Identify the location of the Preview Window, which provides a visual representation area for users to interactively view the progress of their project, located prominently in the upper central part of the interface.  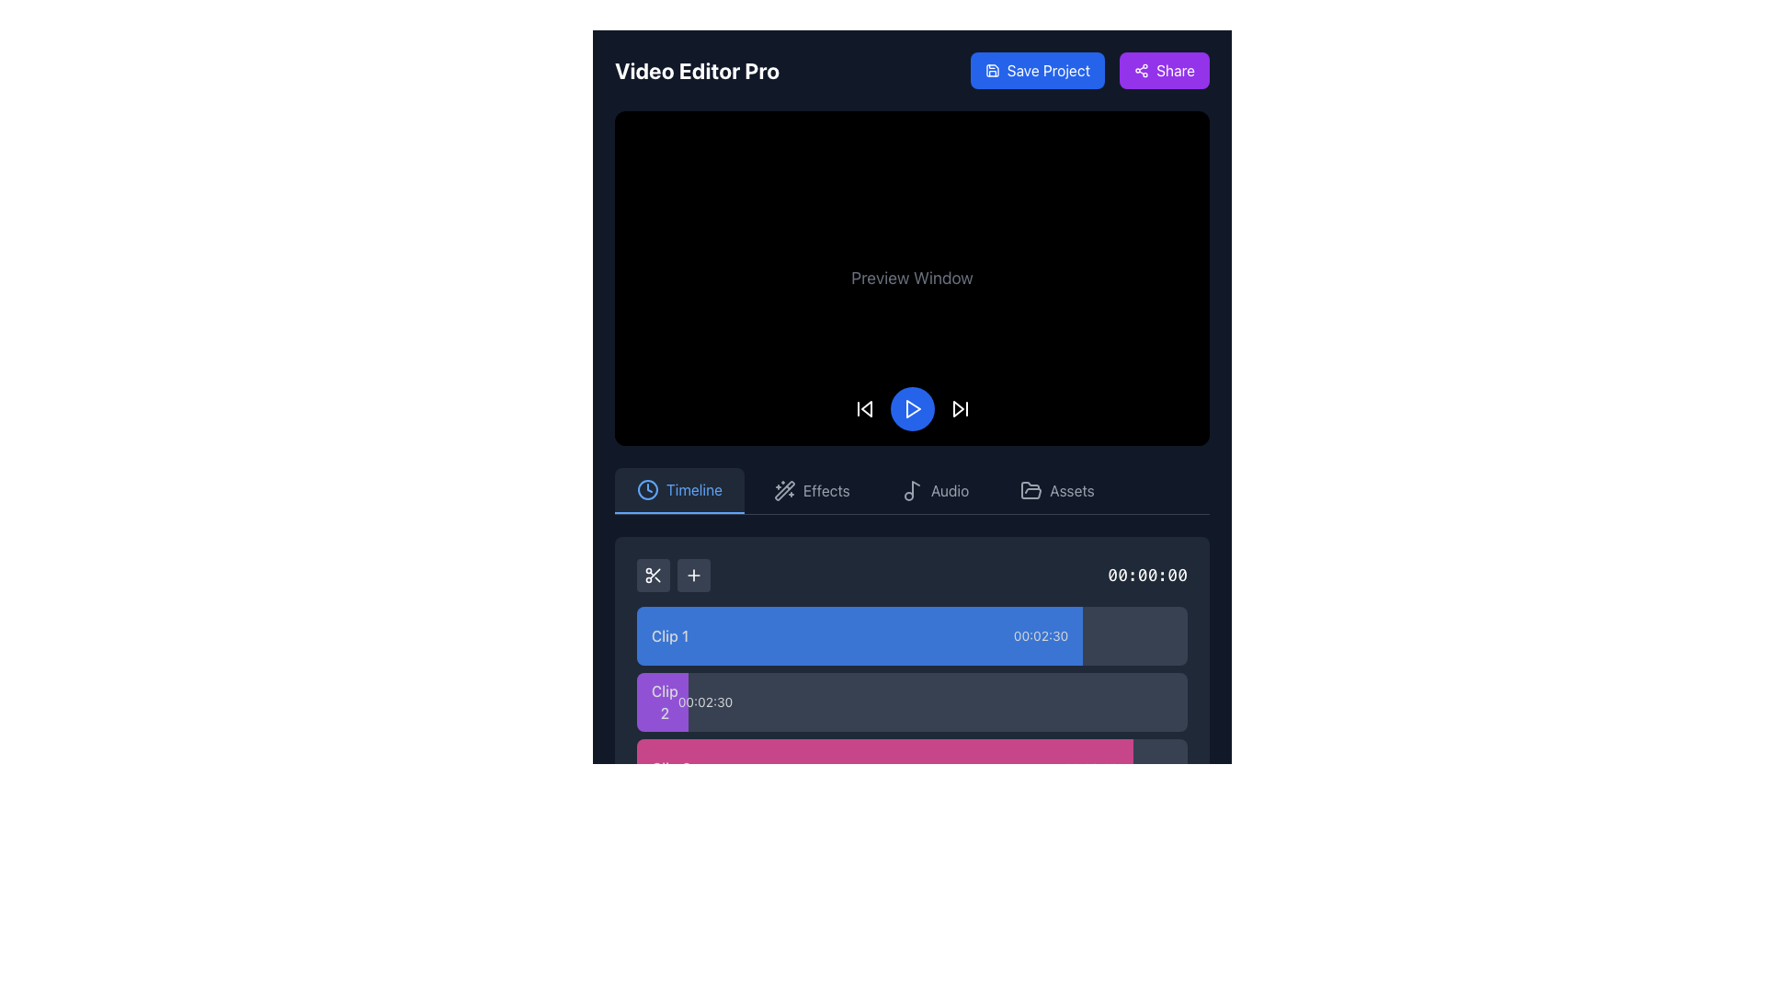
(912, 278).